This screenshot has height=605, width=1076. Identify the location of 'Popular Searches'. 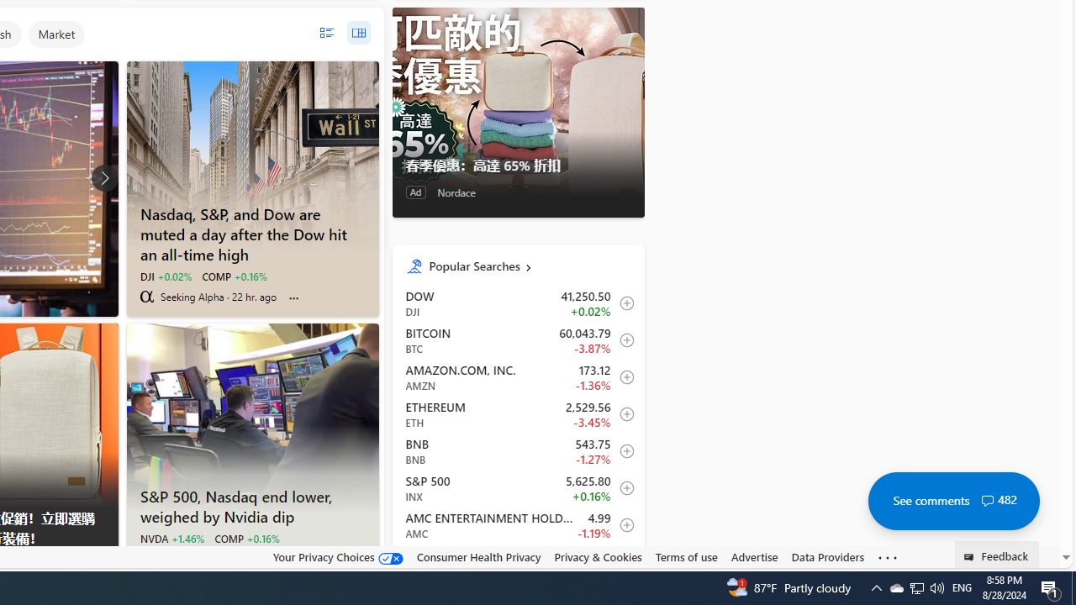
(529, 265).